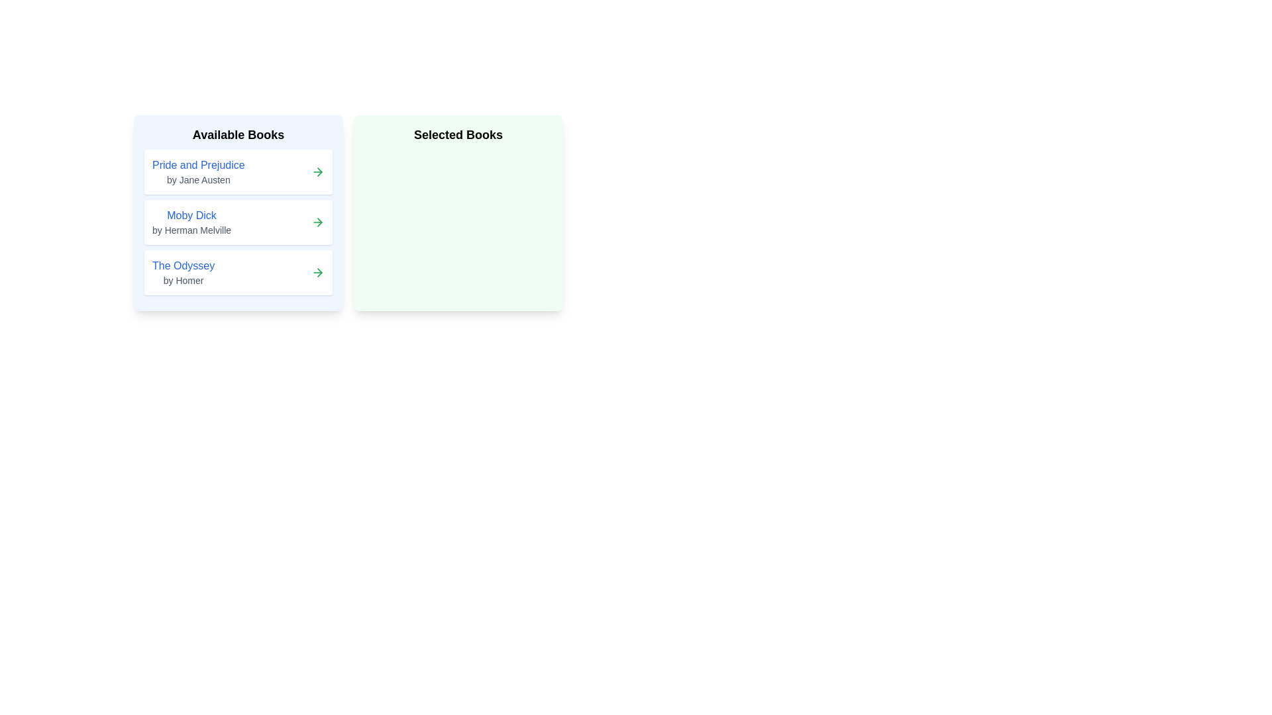 This screenshot has width=1272, height=715. I want to click on the green right-arrow icon button that changes to a darker green when hovered, located to the far right of the box containing 'Moby Dick by Herman Melville', so click(318, 221).